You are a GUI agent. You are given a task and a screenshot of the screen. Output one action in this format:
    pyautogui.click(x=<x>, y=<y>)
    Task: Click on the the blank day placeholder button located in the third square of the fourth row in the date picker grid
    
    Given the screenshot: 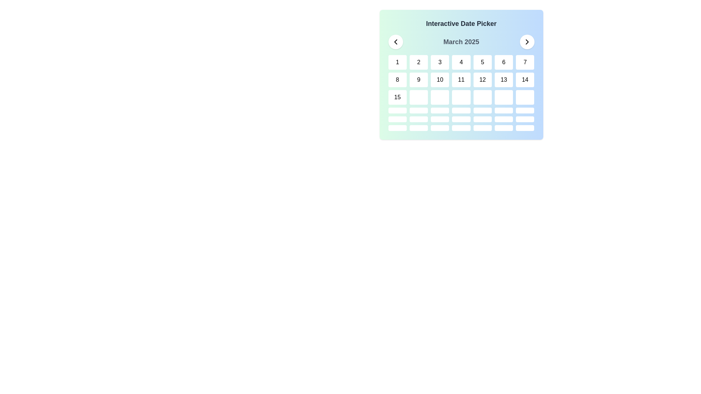 What is the action you would take?
    pyautogui.click(x=440, y=97)
    